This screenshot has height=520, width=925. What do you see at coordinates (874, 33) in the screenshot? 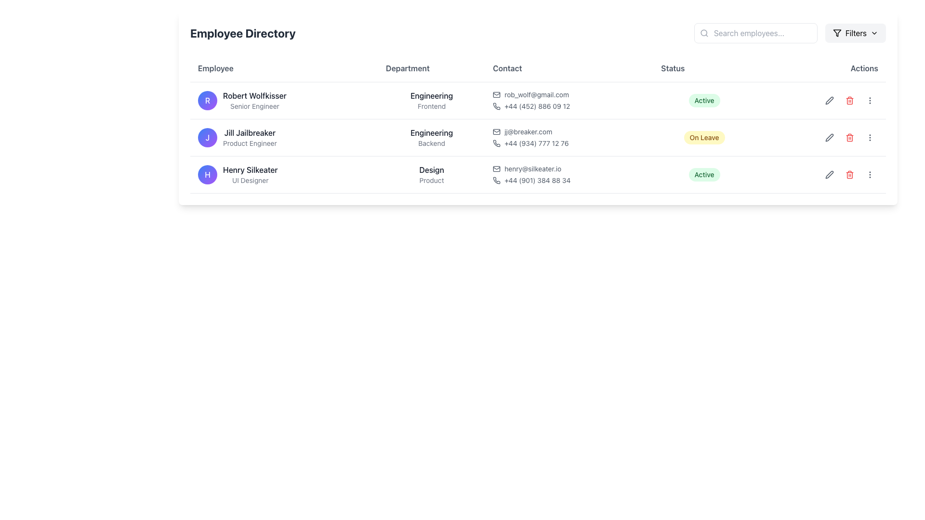
I see `the chevron icon located on the right-hand side of the 'Filters' button` at bounding box center [874, 33].